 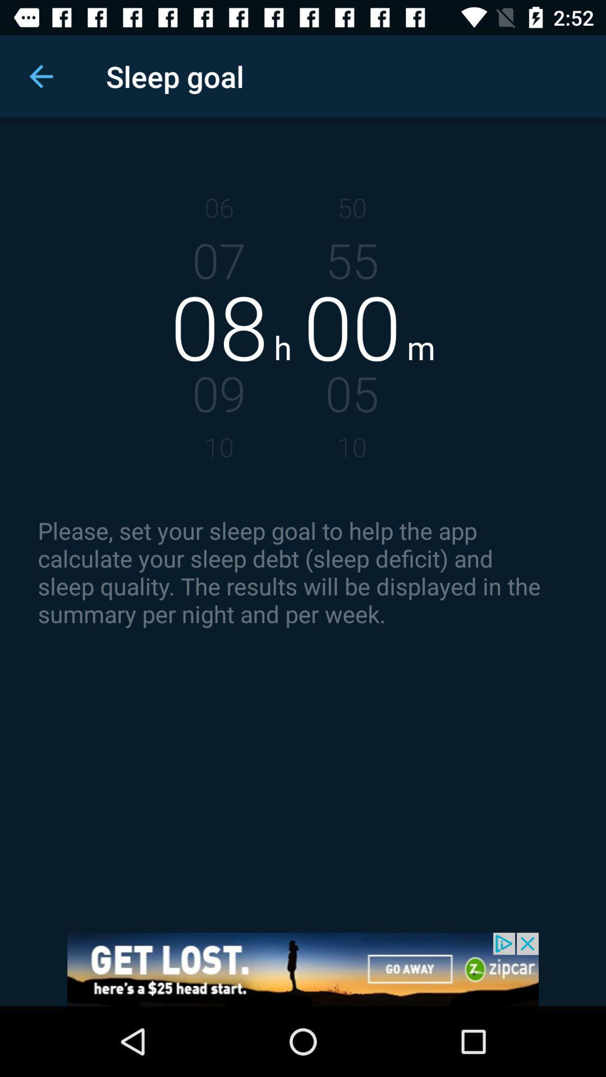 I want to click on advertisement for zipcar, so click(x=303, y=969).